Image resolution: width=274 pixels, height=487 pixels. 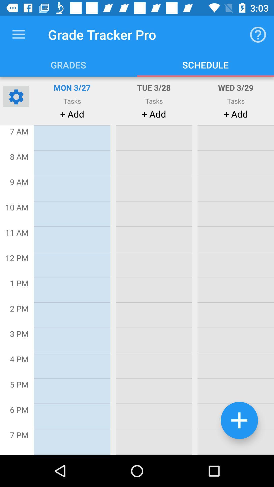 I want to click on open settings, so click(x=15, y=96).